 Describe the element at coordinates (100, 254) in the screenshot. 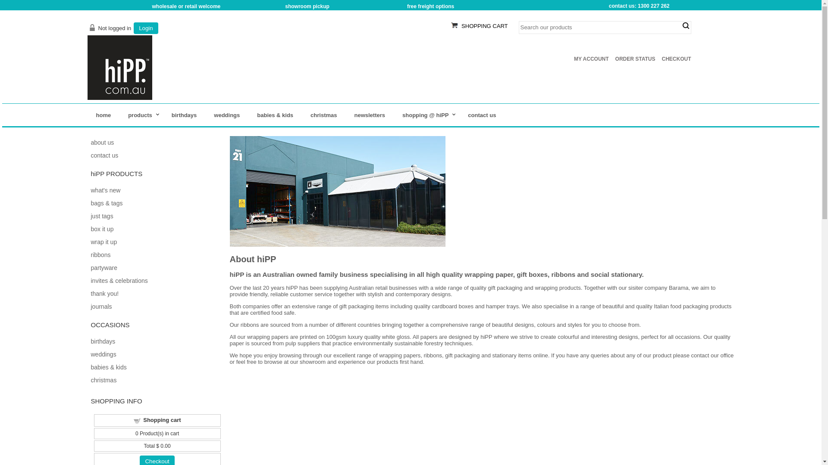

I see `'ribbons'` at that location.